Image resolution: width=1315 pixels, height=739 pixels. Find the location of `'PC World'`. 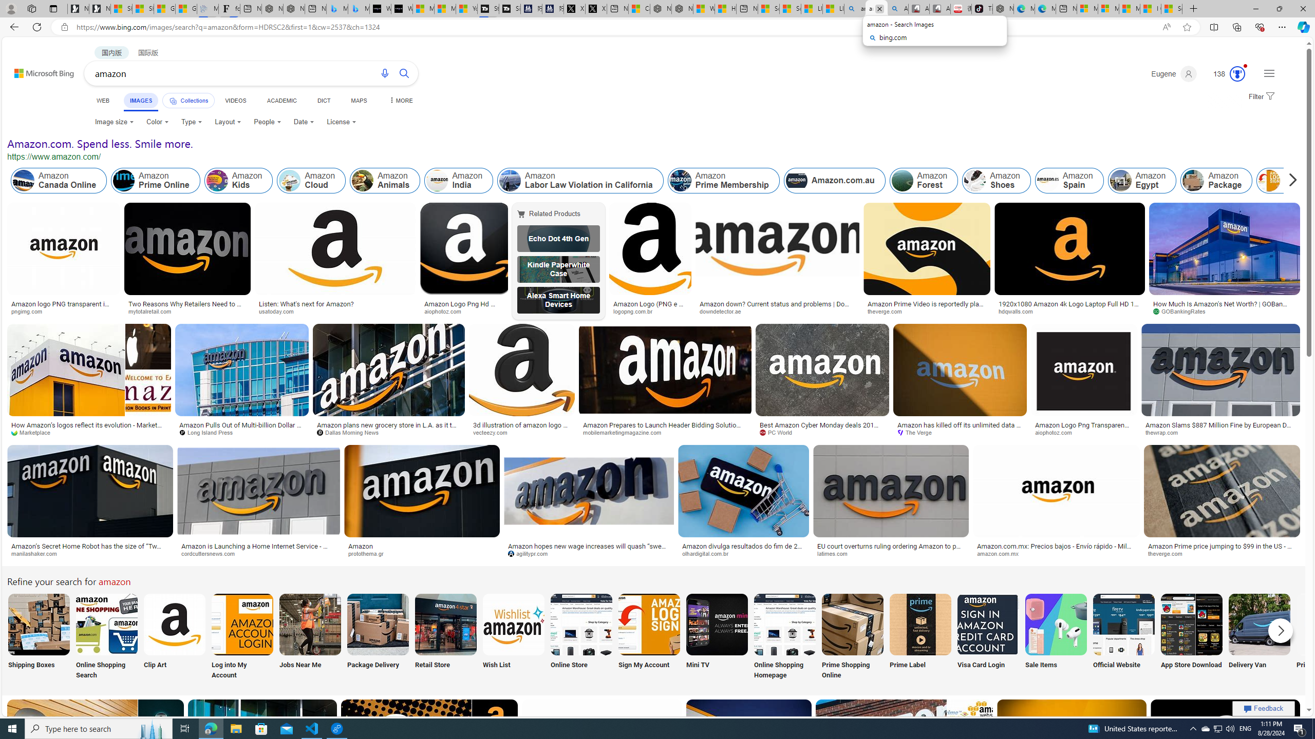

'PC World' is located at coordinates (822, 432).